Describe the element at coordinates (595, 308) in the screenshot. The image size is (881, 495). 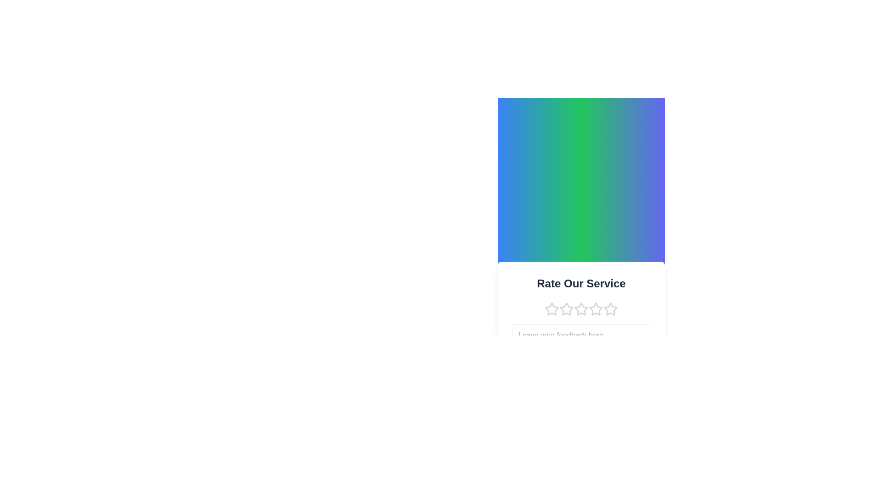
I see `the third star icon in the rating system below the 'Rate Our Service' title to rate it` at that location.